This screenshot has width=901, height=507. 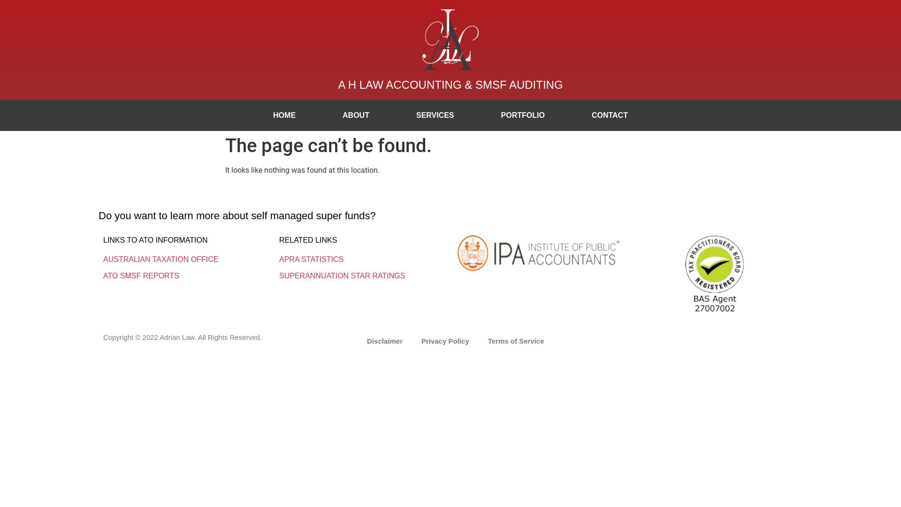 What do you see at coordinates (355, 115) in the screenshot?
I see `'ABOUT'` at bounding box center [355, 115].